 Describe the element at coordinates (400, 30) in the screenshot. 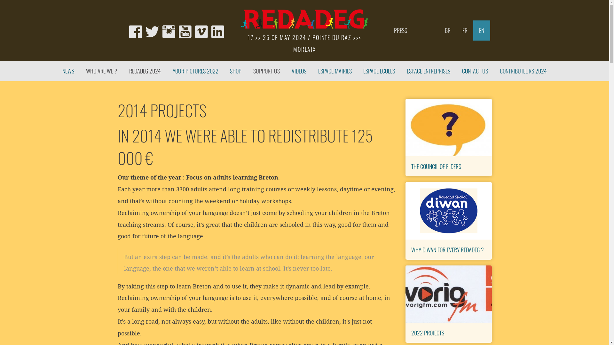

I see `'PRESS'` at that location.